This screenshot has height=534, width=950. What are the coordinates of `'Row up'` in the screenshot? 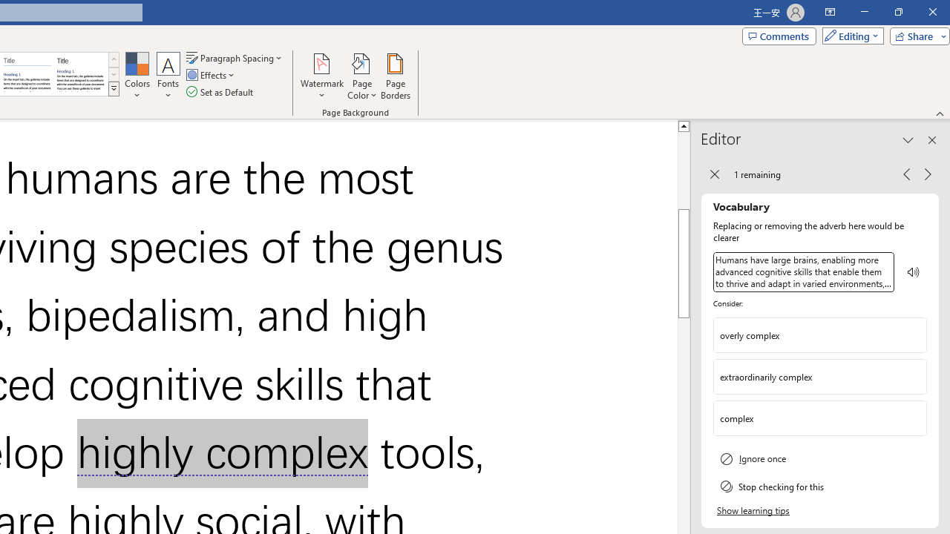 It's located at (113, 59).